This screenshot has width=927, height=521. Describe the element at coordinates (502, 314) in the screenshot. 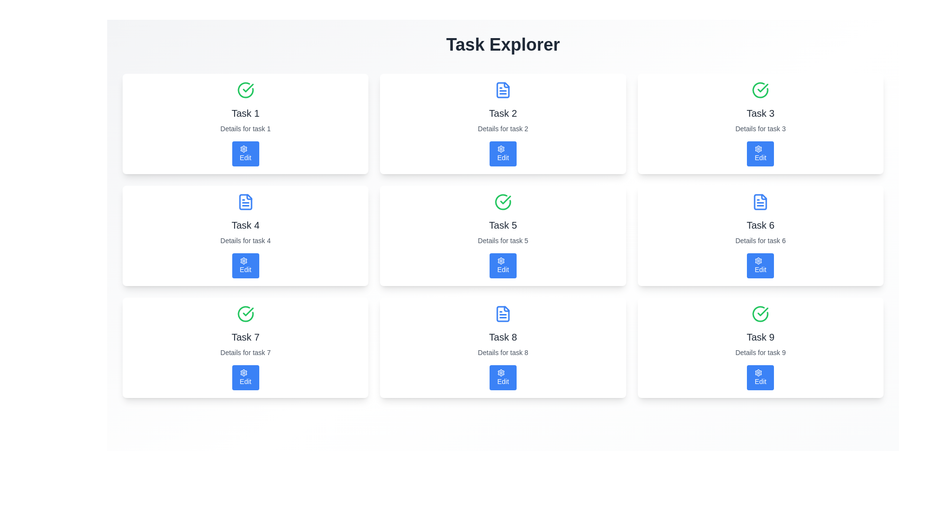

I see `the SVG-based icon element that represents the document associated with 'Task 8', located at the top-center of the card in the bottom-center row of the task cards` at that location.